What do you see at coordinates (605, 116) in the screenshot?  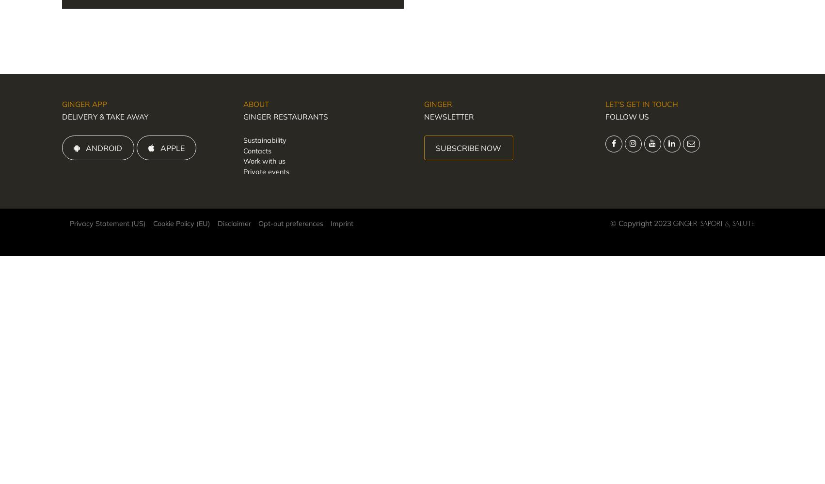 I see `'FOLLOW US'` at bounding box center [605, 116].